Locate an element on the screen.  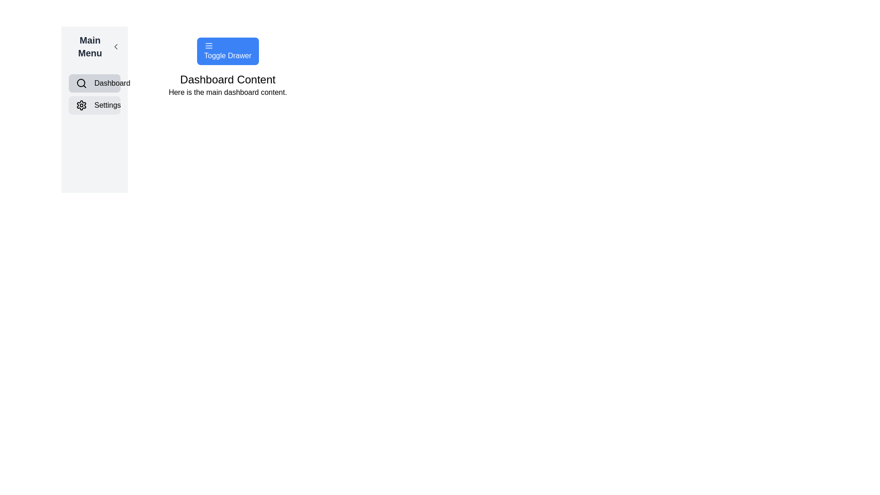
the magnifying glass icon within the 'Dashboard' menu button in the sidebar is located at coordinates (81, 83).